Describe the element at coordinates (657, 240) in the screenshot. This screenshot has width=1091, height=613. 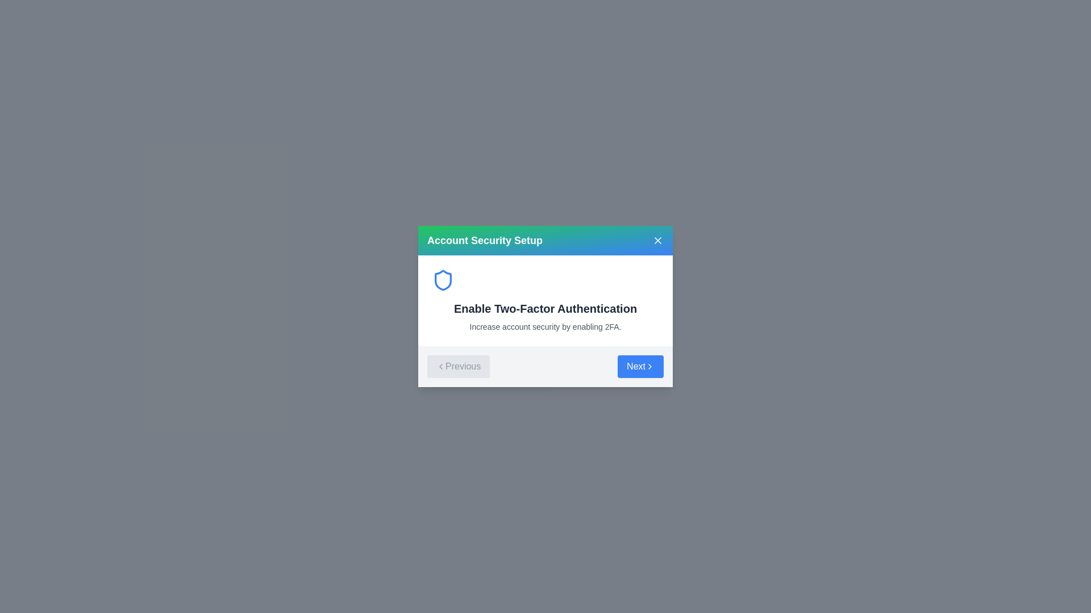
I see `the cross-shaped close button located in the title bar of the modal dialog box` at that location.